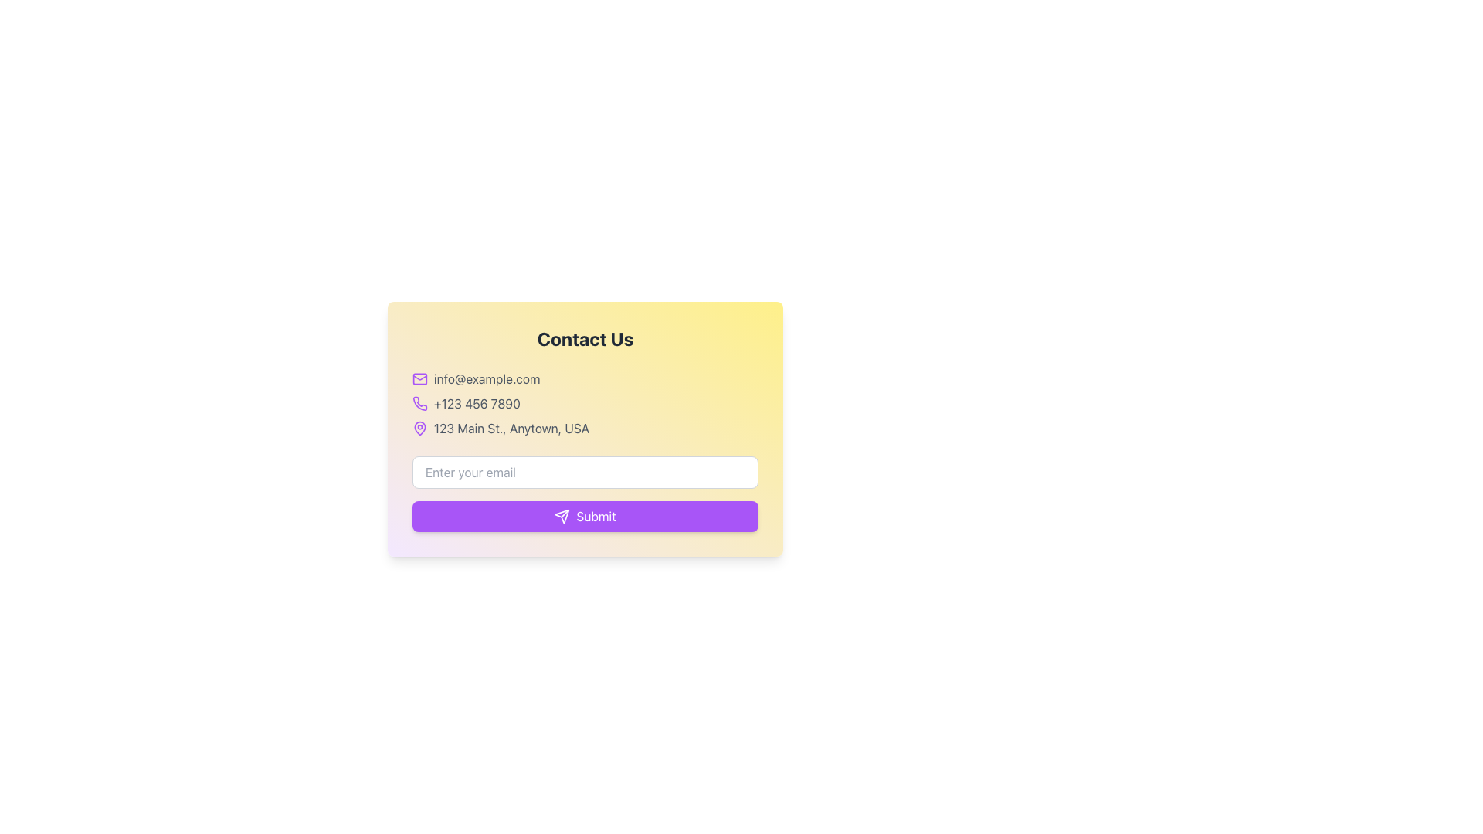 Image resolution: width=1483 pixels, height=834 pixels. I want to click on the 'Submit' button with a purple gradient background, located at the bottom of the 'Contact Us' card, so click(585, 516).